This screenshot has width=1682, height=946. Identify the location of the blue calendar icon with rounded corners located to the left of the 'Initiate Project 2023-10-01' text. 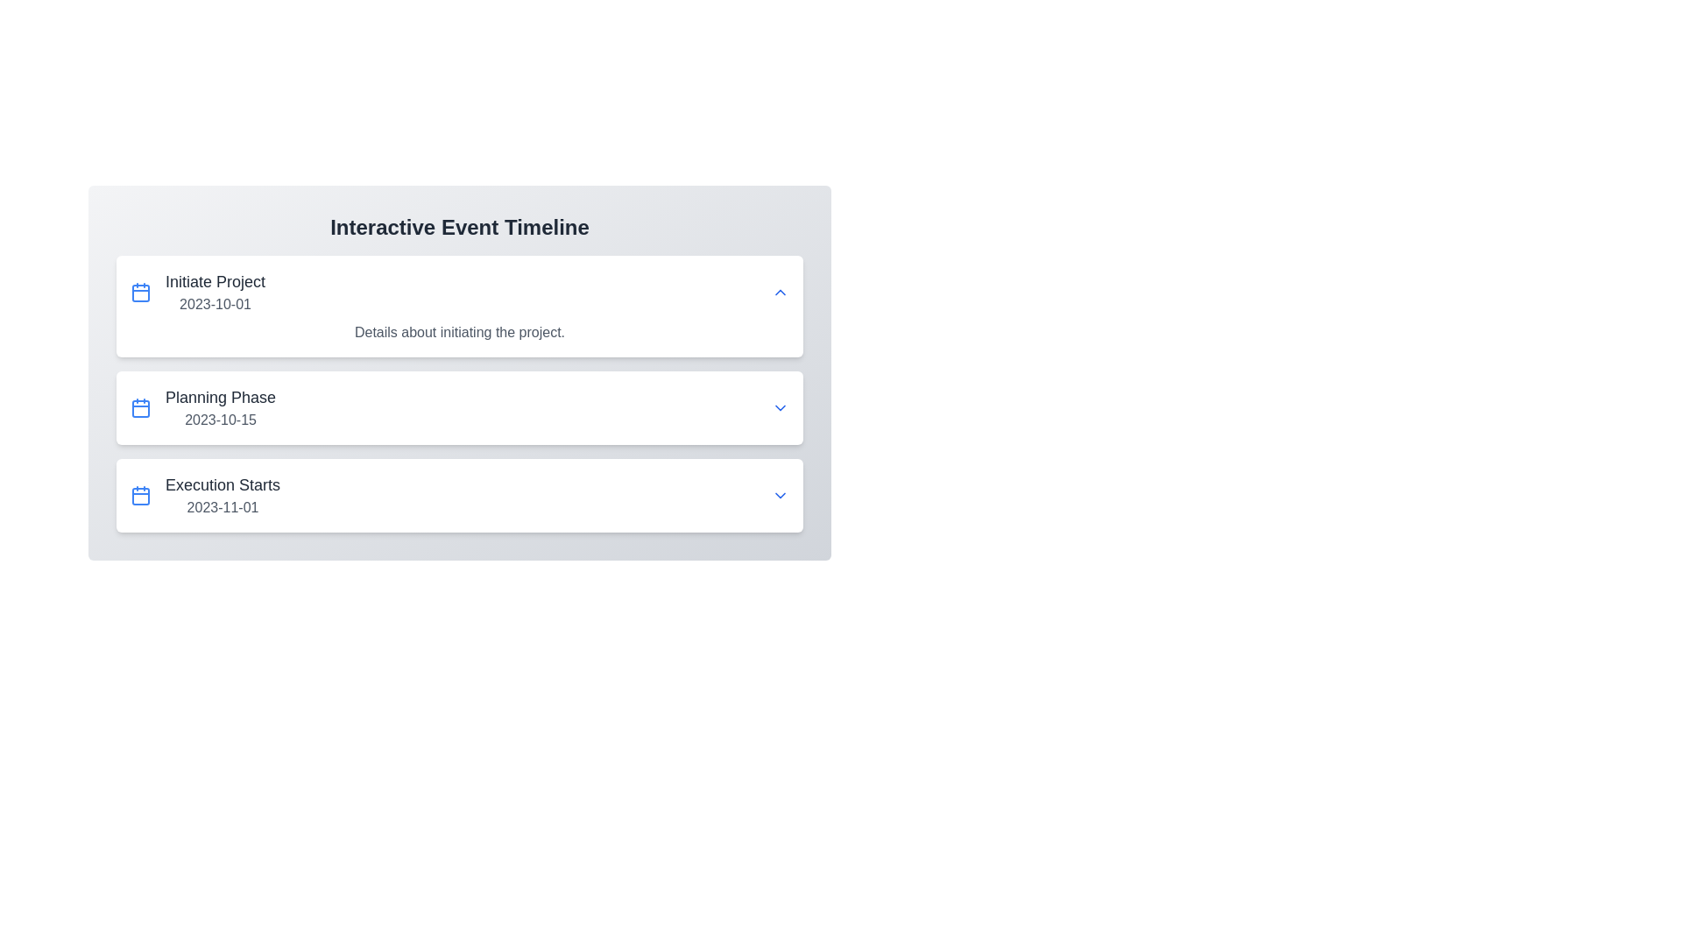
(141, 292).